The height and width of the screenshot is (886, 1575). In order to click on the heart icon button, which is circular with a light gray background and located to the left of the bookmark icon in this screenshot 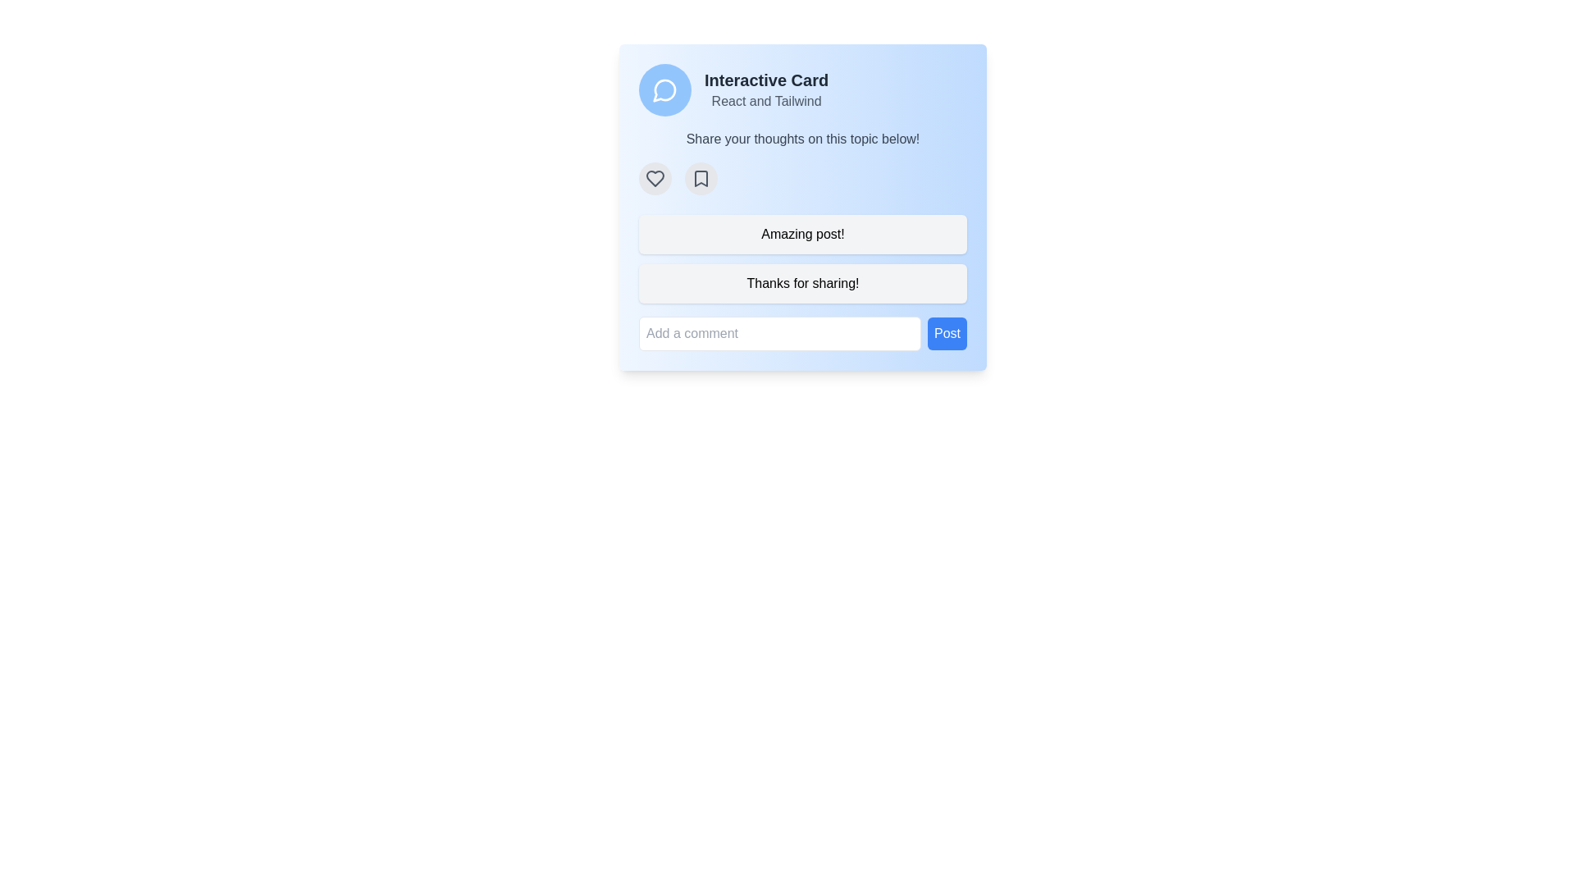, I will do `click(654, 179)`.